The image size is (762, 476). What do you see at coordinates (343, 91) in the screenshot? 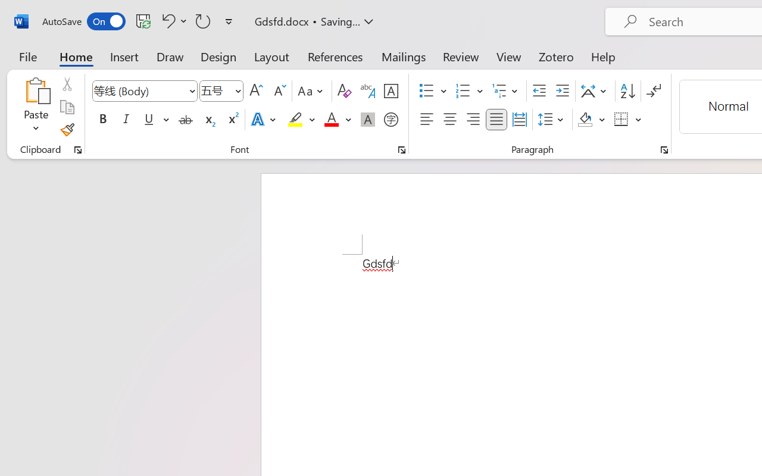
I see `'Clear Formatting'` at bounding box center [343, 91].